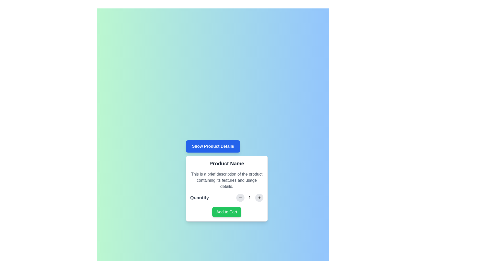 This screenshot has height=276, width=491. I want to click on the numeral '1' label styled as text, which is centrally positioned between a minus icon on the left and a plus icon on the right in a quantity selector, so click(250, 198).